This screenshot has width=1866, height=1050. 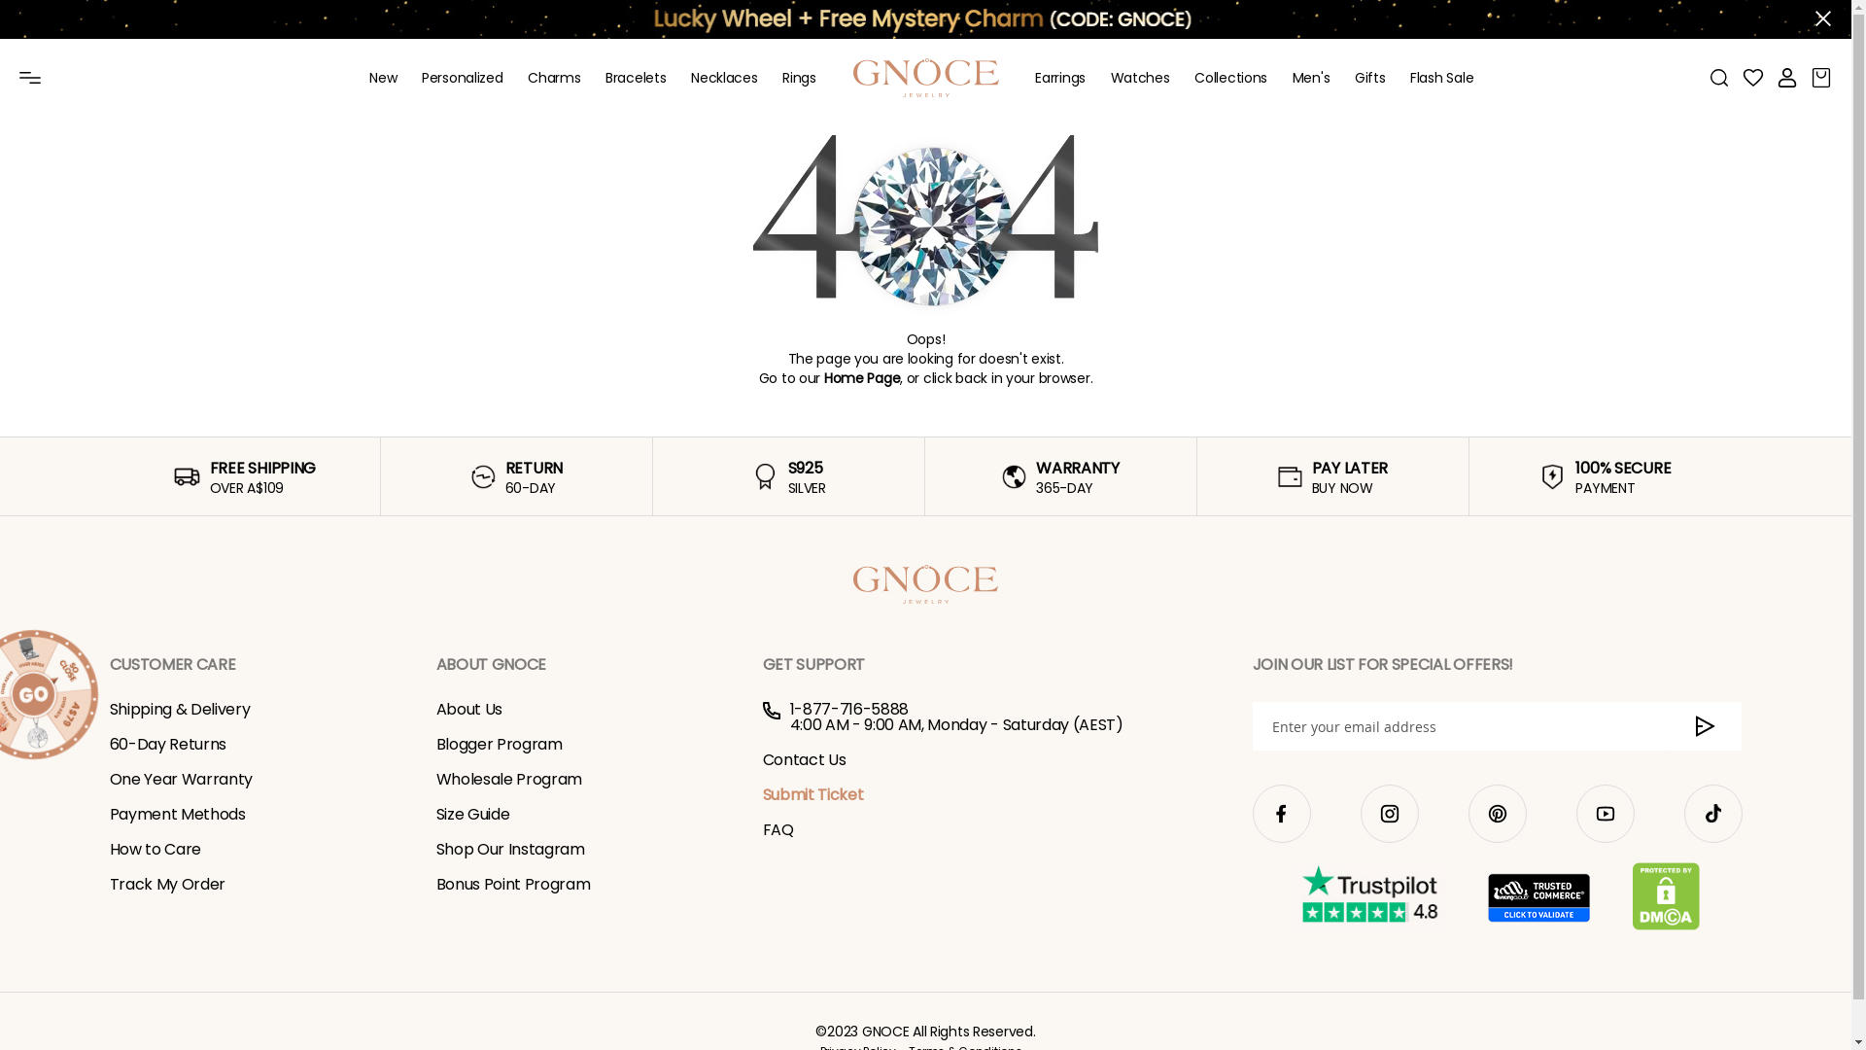 What do you see at coordinates (467, 709) in the screenshot?
I see `'About Us'` at bounding box center [467, 709].